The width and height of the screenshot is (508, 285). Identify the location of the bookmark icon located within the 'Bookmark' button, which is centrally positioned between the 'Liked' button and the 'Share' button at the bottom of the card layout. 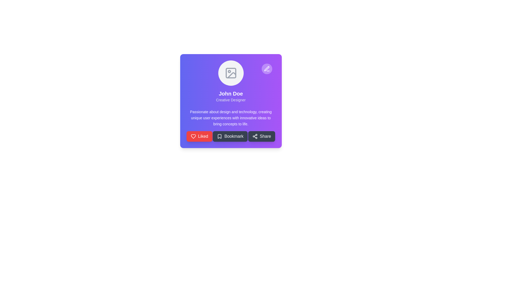
(220, 136).